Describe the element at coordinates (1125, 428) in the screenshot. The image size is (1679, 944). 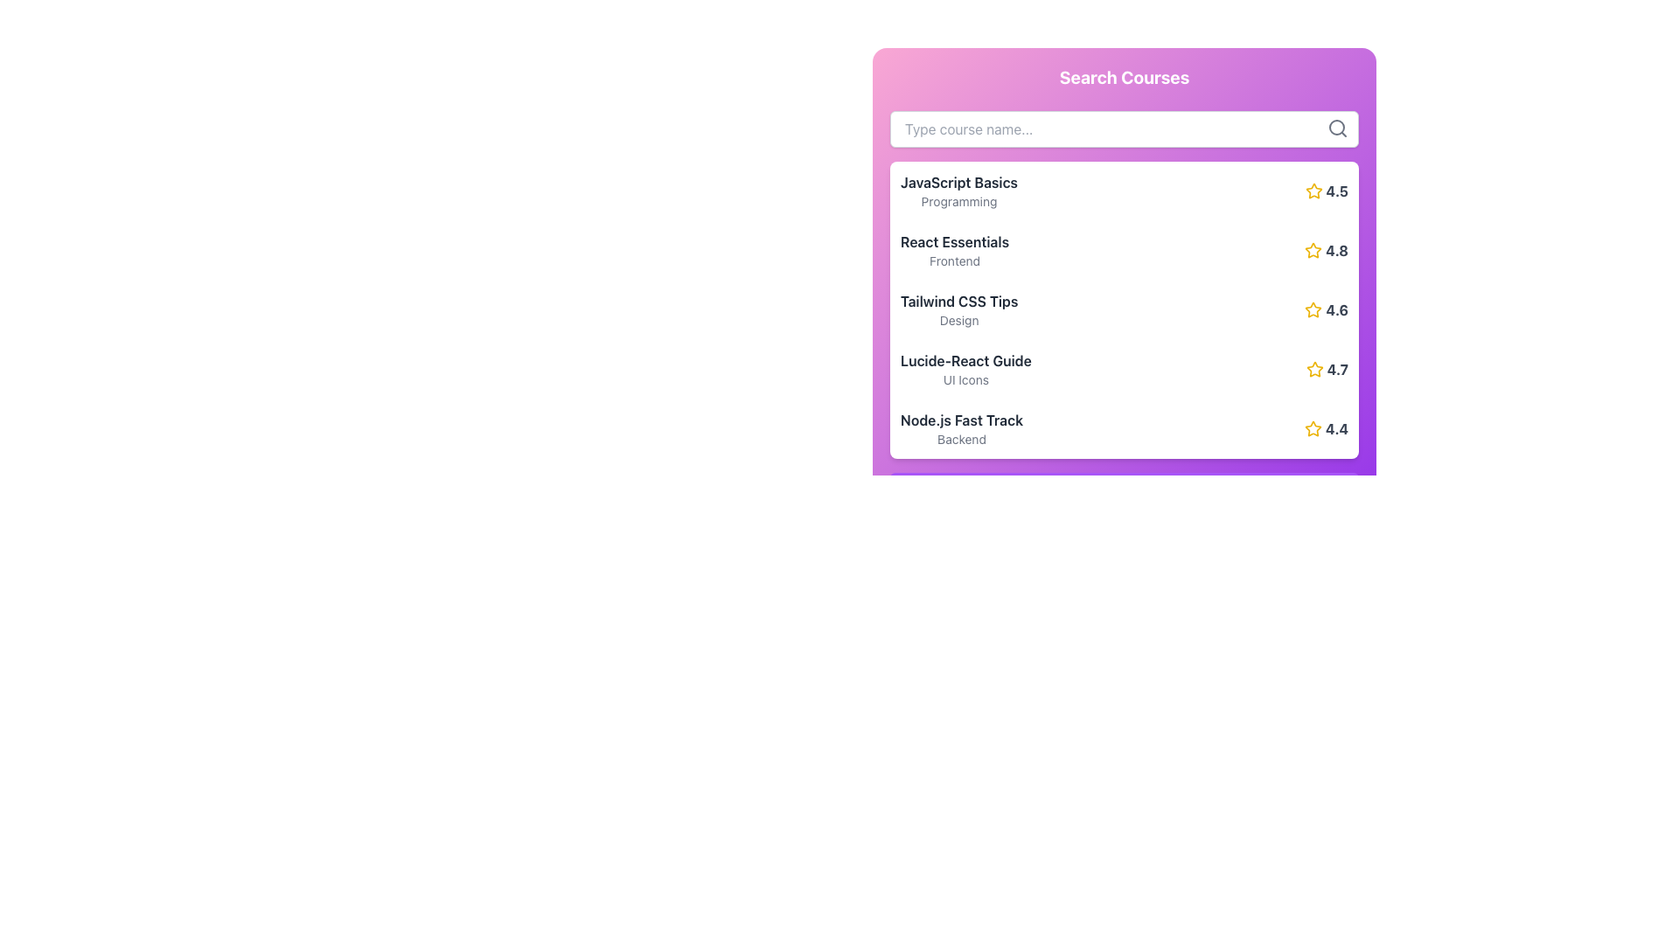
I see `the List item titled 'Node.js Fast Track' with the rating '4.4'` at that location.